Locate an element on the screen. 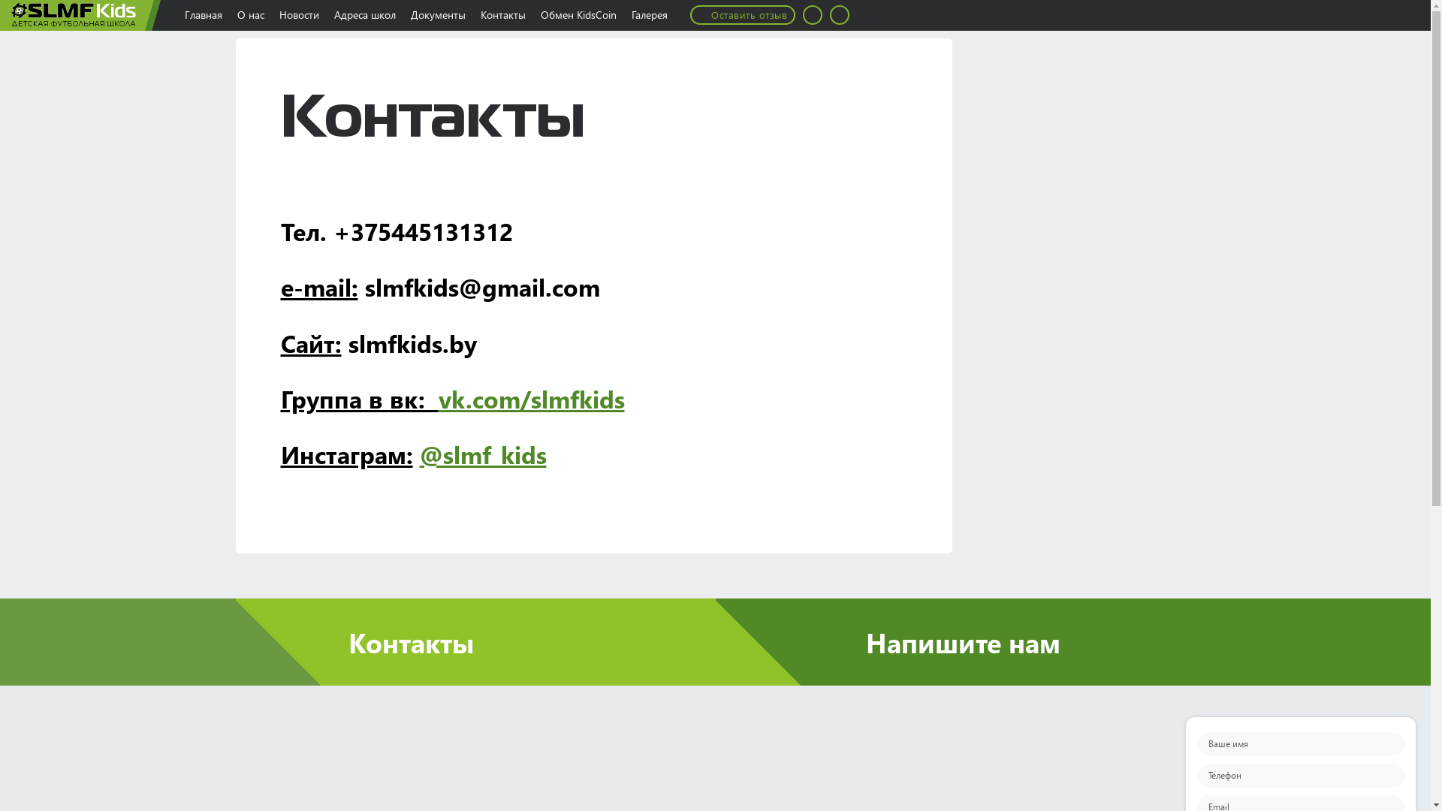 The width and height of the screenshot is (1442, 811). '@slmf_kids' is located at coordinates (482, 453).